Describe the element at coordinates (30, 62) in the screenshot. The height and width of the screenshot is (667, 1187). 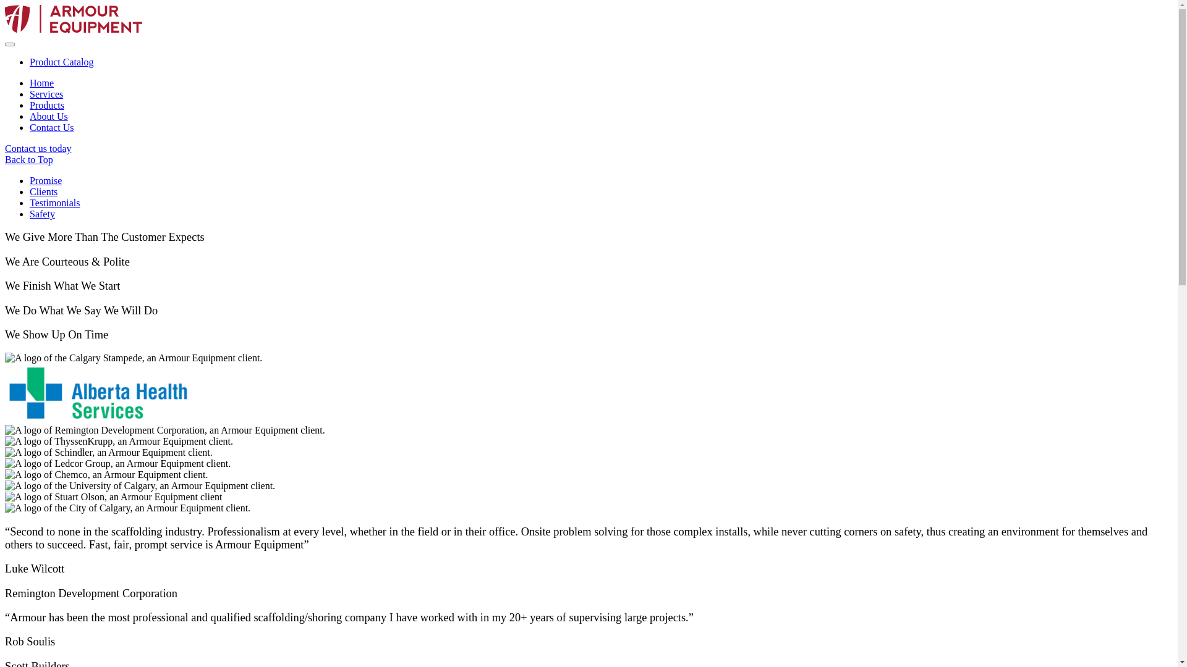
I see `'Product Catalog'` at that location.